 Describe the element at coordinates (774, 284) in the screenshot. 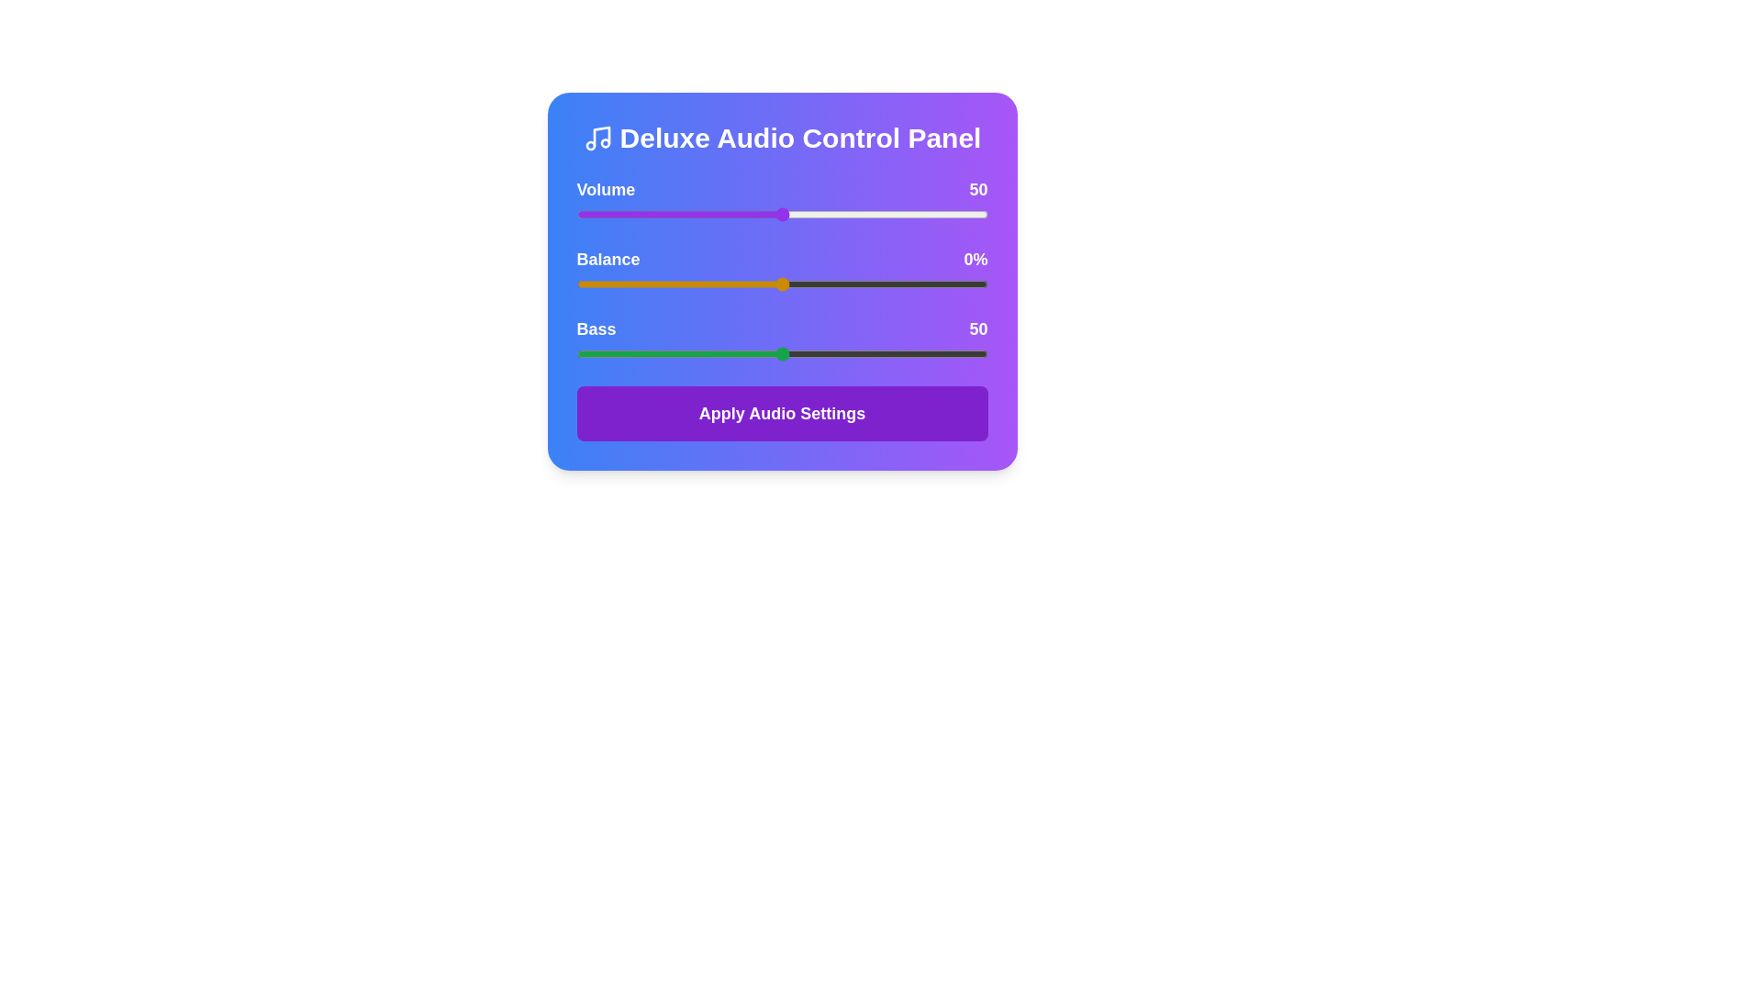

I see `balance` at that location.